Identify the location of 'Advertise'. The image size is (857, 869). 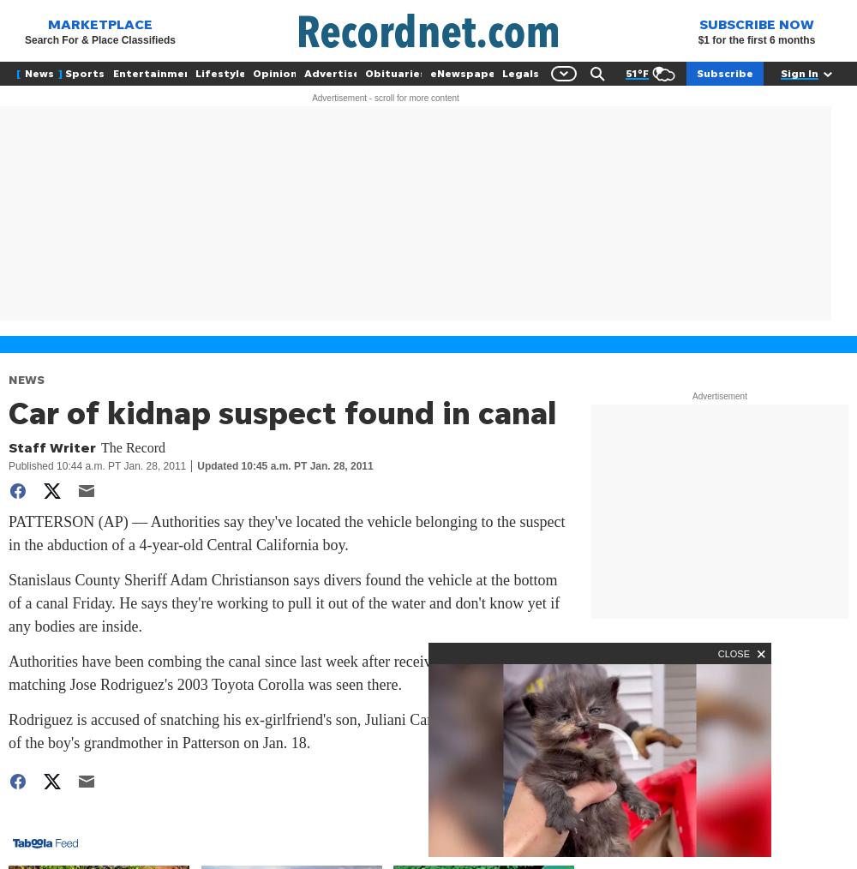
(303, 72).